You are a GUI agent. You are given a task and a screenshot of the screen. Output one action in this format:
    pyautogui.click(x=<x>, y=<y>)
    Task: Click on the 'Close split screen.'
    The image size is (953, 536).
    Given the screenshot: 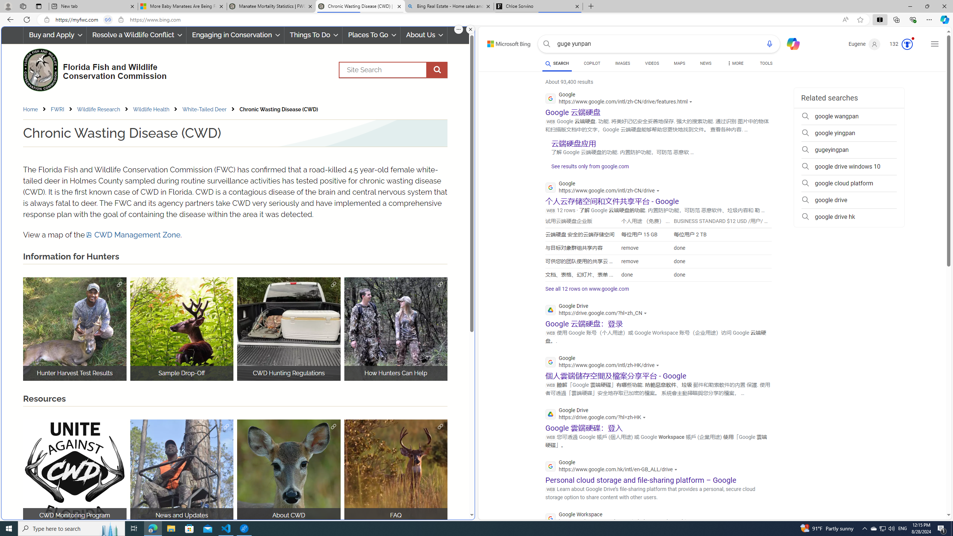 What is the action you would take?
    pyautogui.click(x=470, y=29)
    